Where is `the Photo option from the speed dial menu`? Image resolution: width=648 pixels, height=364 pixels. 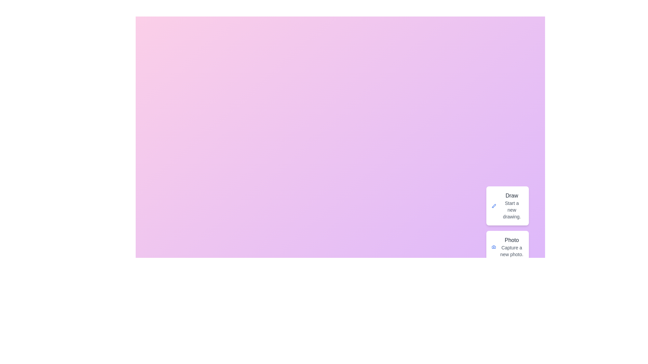 the Photo option from the speed dial menu is located at coordinates (507, 247).